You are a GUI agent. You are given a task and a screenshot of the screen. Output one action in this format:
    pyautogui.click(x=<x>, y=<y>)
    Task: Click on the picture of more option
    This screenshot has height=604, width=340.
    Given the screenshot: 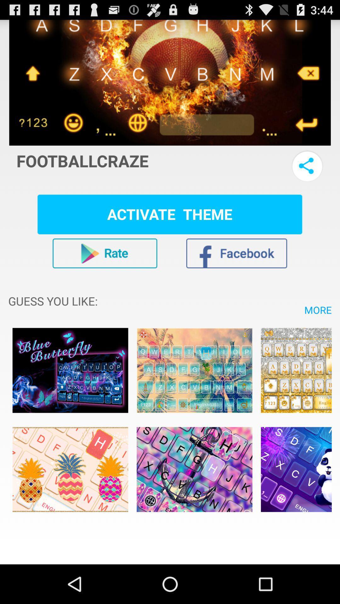 What is the action you would take?
    pyautogui.click(x=296, y=370)
    